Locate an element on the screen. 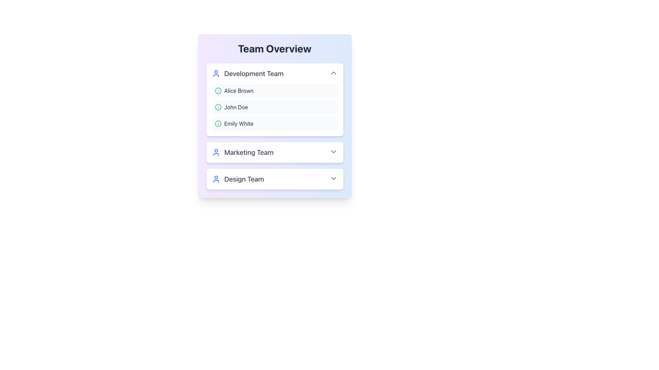  the informational icon located to the left of the text 'Emily White' is located at coordinates (218, 124).